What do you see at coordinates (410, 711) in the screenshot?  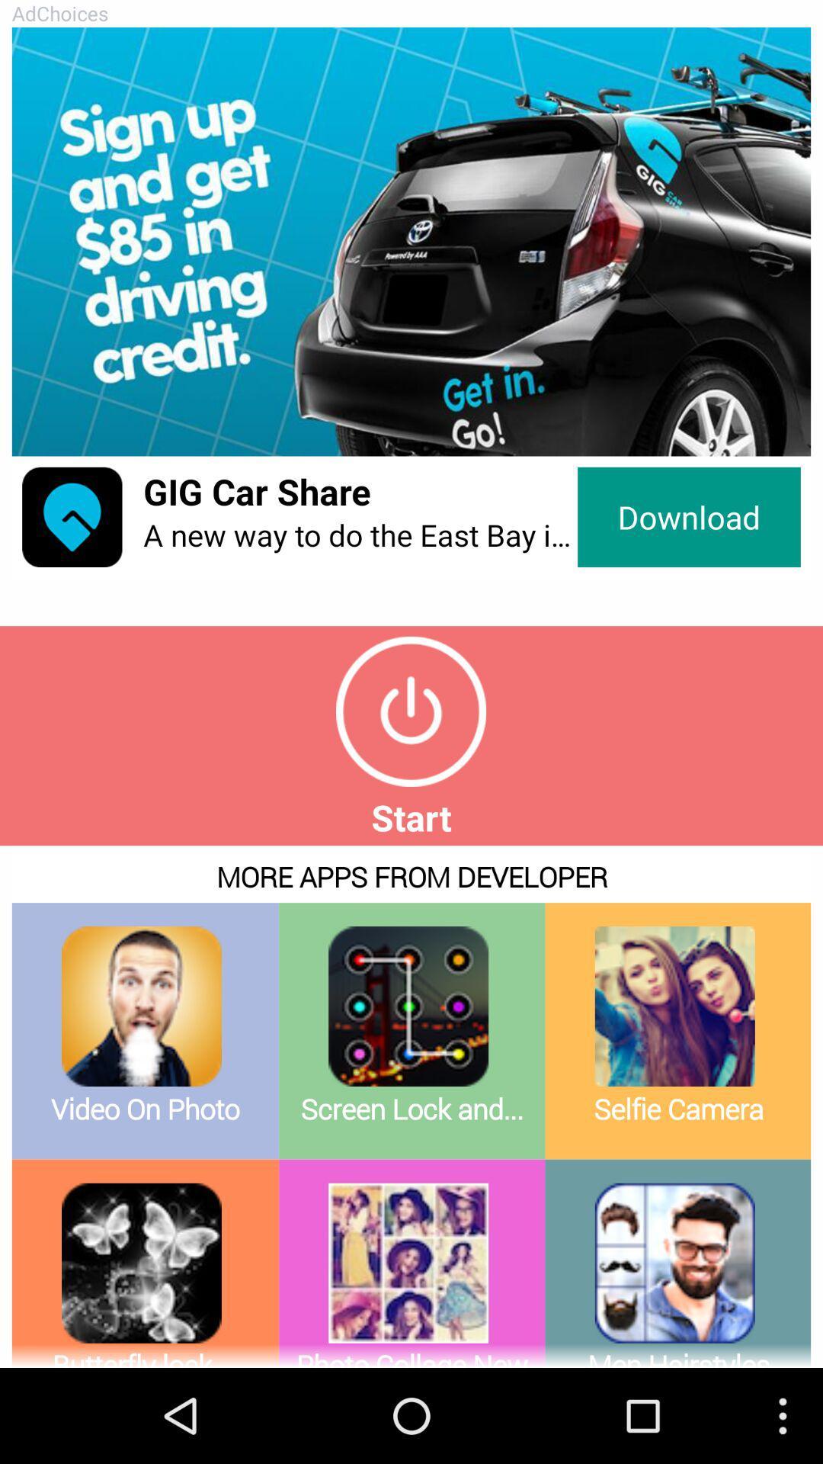 I see `switch off` at bounding box center [410, 711].